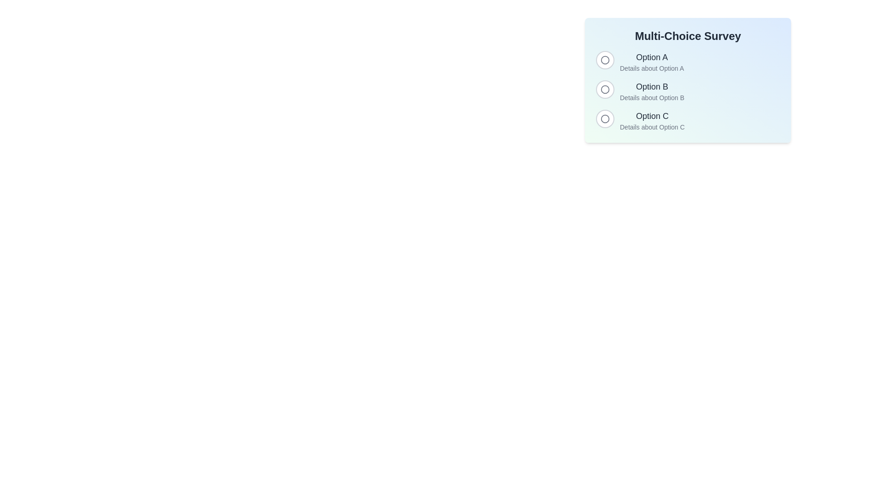  Describe the element at coordinates (640, 91) in the screenshot. I see `the second option in the Multi-Choice Survey, which is a Text Label with Supporting Description that provides additional details about the selectable option` at that location.